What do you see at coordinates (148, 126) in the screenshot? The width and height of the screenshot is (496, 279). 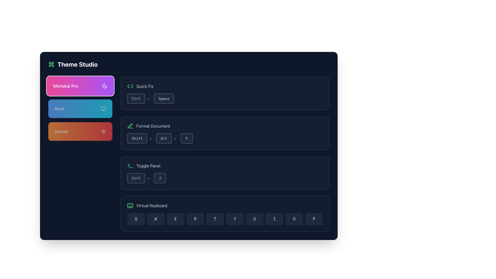 I see `the document formatting button located in the header section of the panel on the right-hand side, directly below the 'Quick Fix' header and above the 'Toggle Panel.'` at bounding box center [148, 126].